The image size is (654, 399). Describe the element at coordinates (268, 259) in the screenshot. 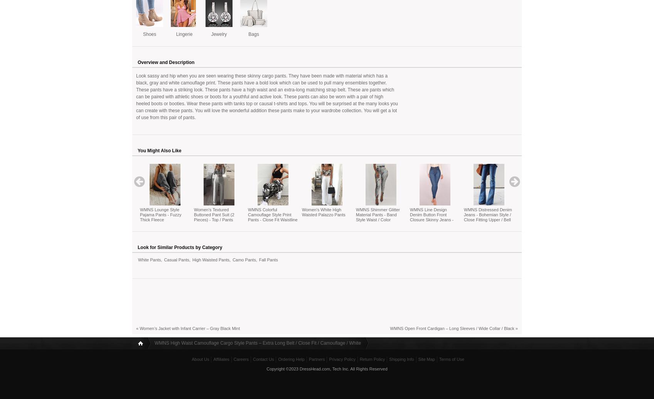

I see `'Fall Pants'` at that location.